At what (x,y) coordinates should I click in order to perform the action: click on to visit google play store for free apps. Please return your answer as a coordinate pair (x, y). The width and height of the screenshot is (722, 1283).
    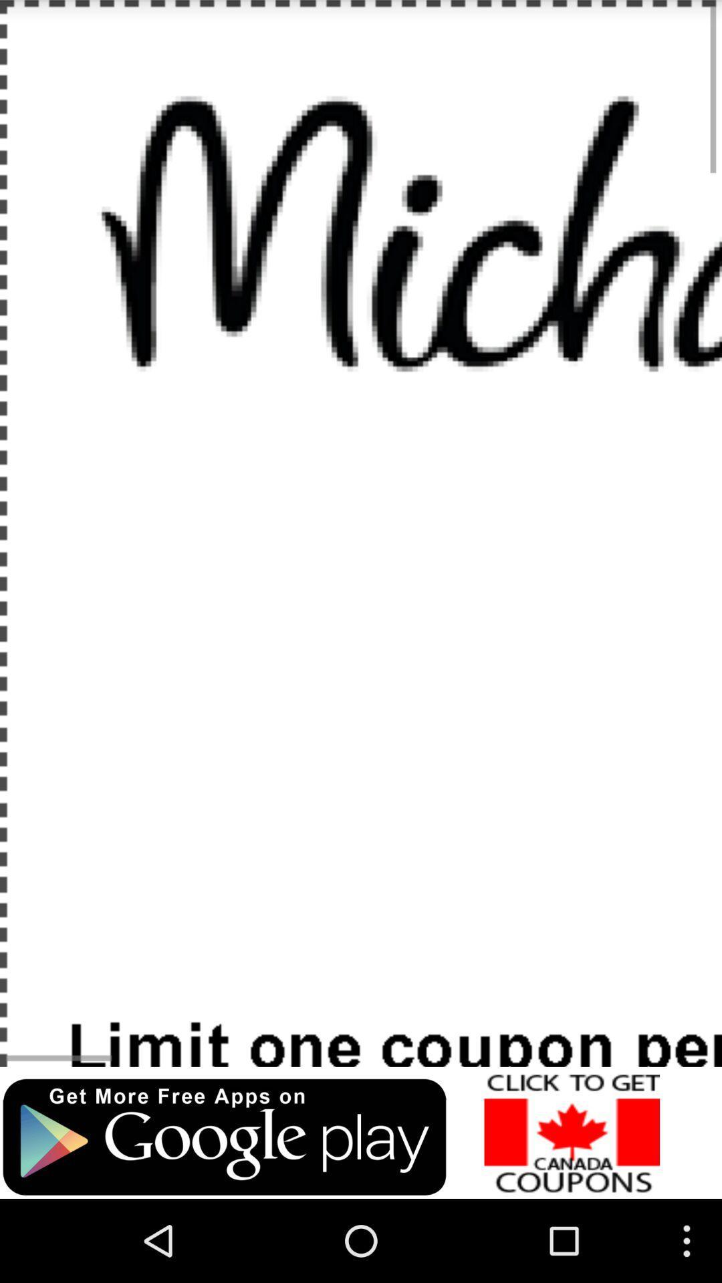
    Looking at the image, I should click on (223, 1137).